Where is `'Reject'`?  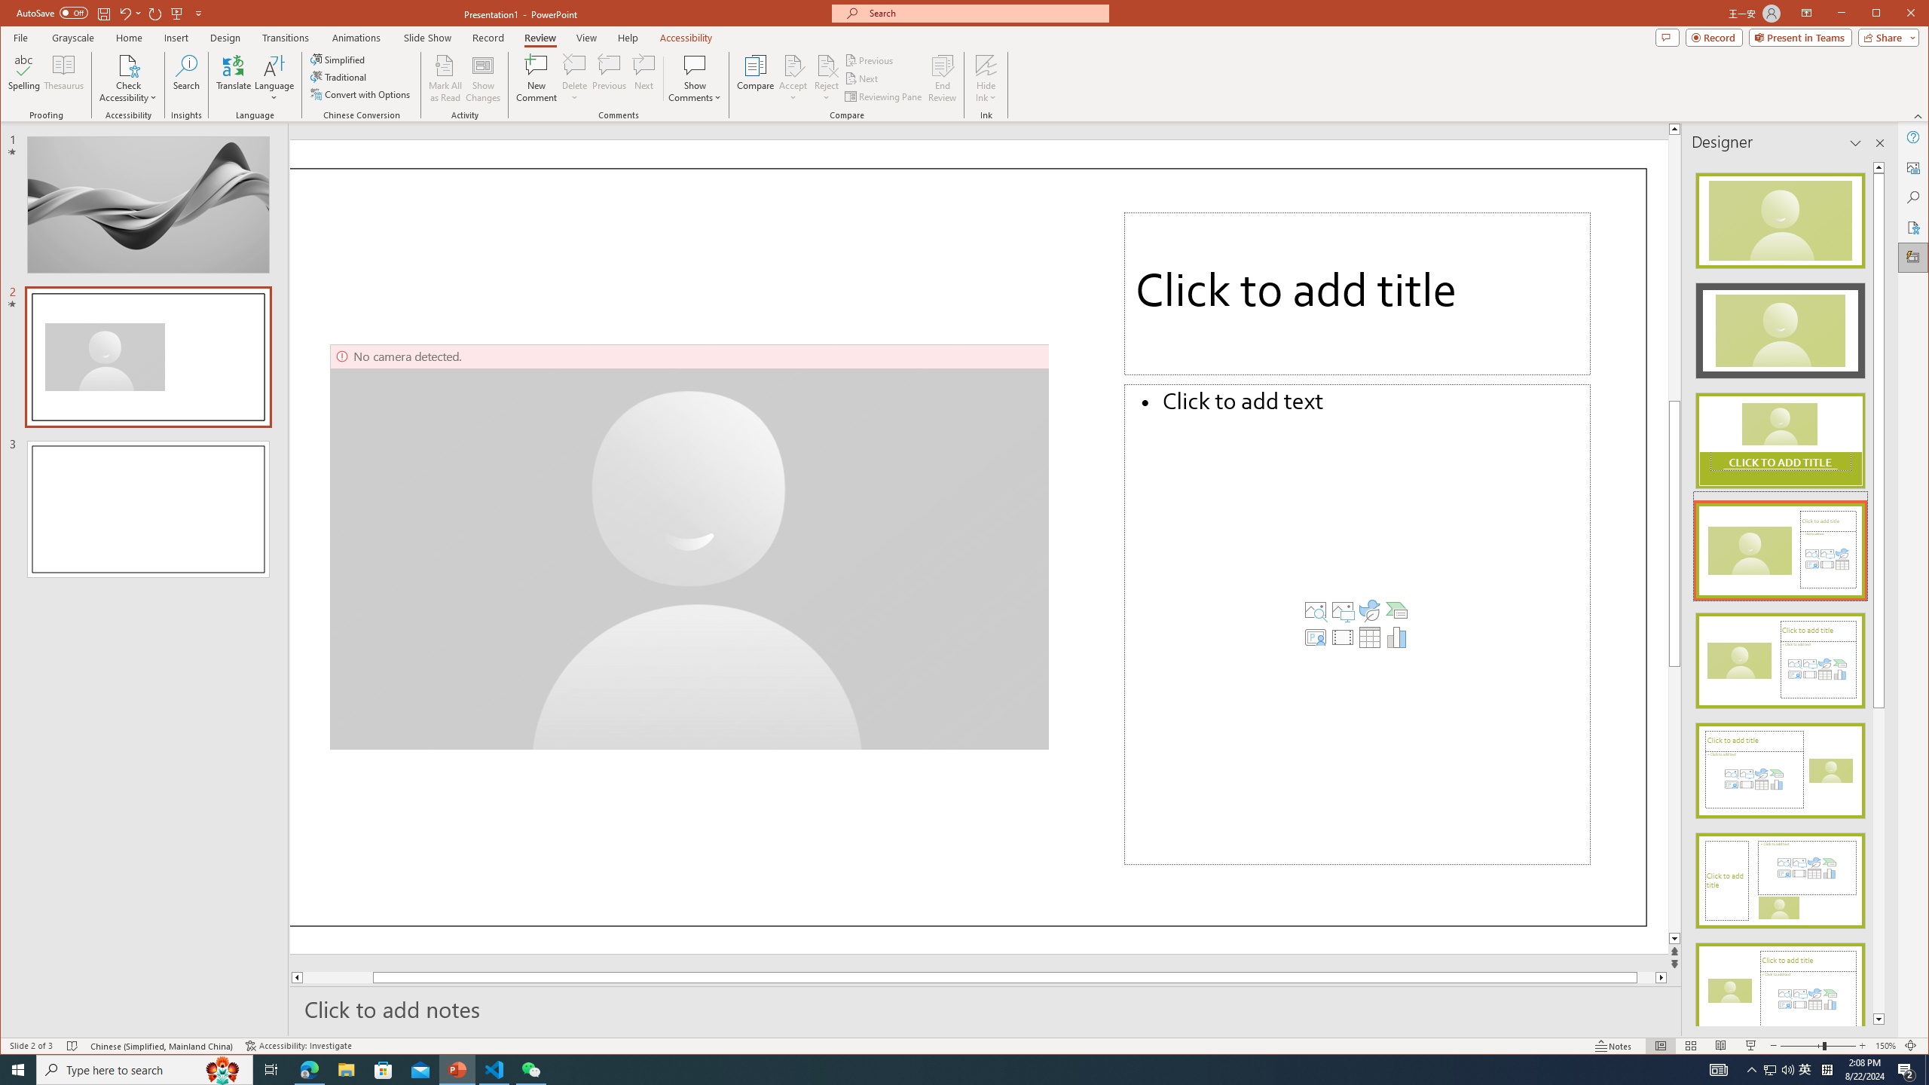
'Reject' is located at coordinates (826, 78).